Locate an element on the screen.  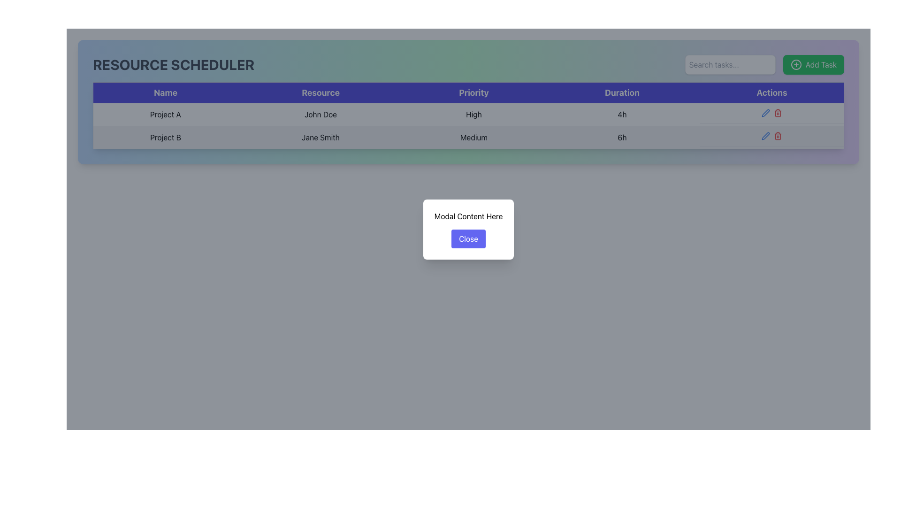
the 'Add Task' button which contains the icon for adding a new task, located at the top-right corner of the interface is located at coordinates (795, 64).